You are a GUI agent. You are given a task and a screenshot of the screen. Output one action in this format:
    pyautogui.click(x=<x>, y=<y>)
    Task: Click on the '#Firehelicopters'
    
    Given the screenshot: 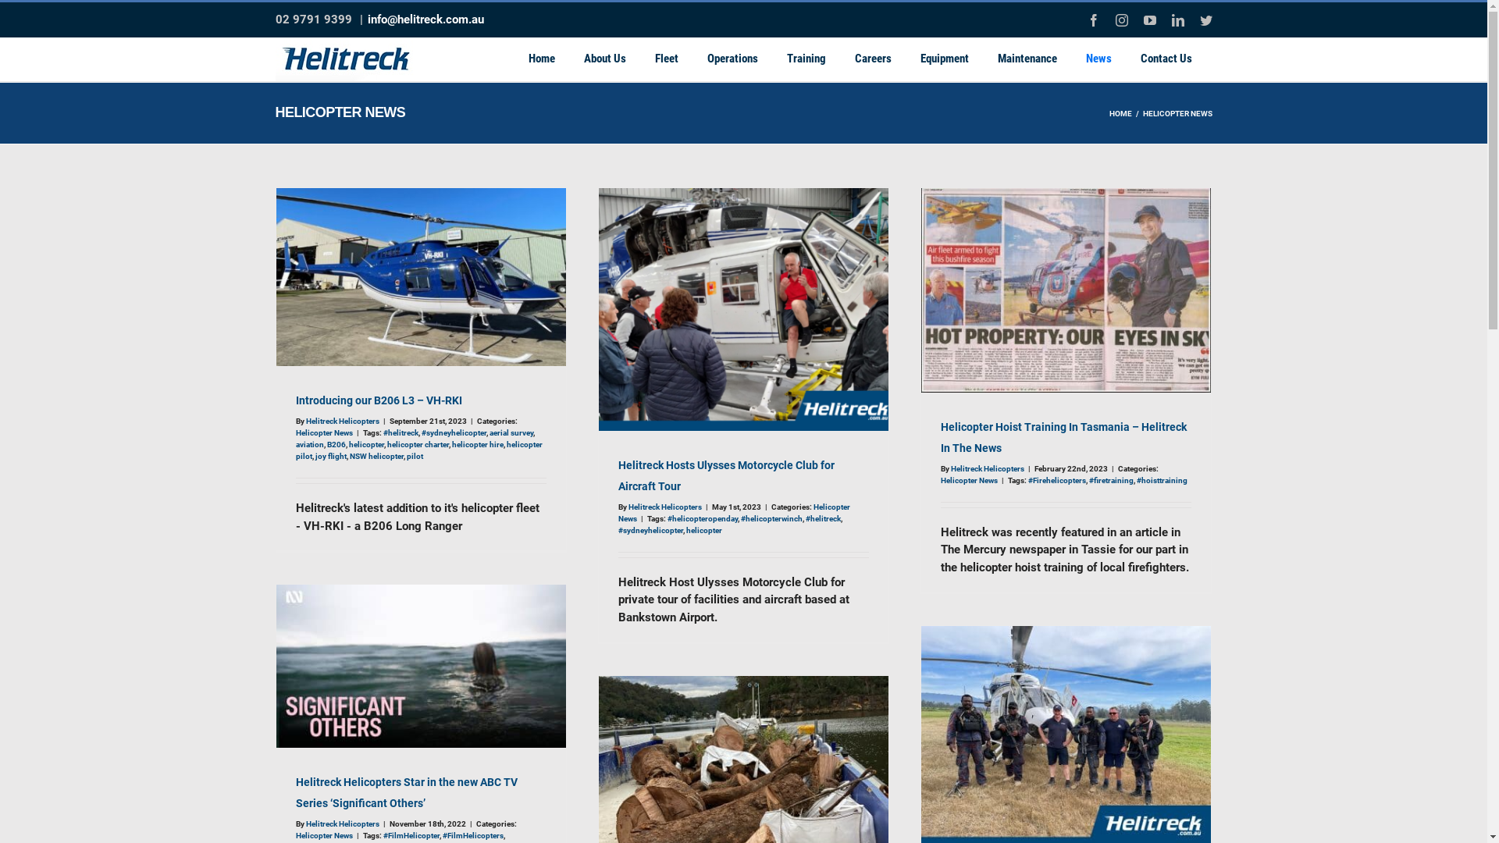 What is the action you would take?
    pyautogui.click(x=1056, y=479)
    